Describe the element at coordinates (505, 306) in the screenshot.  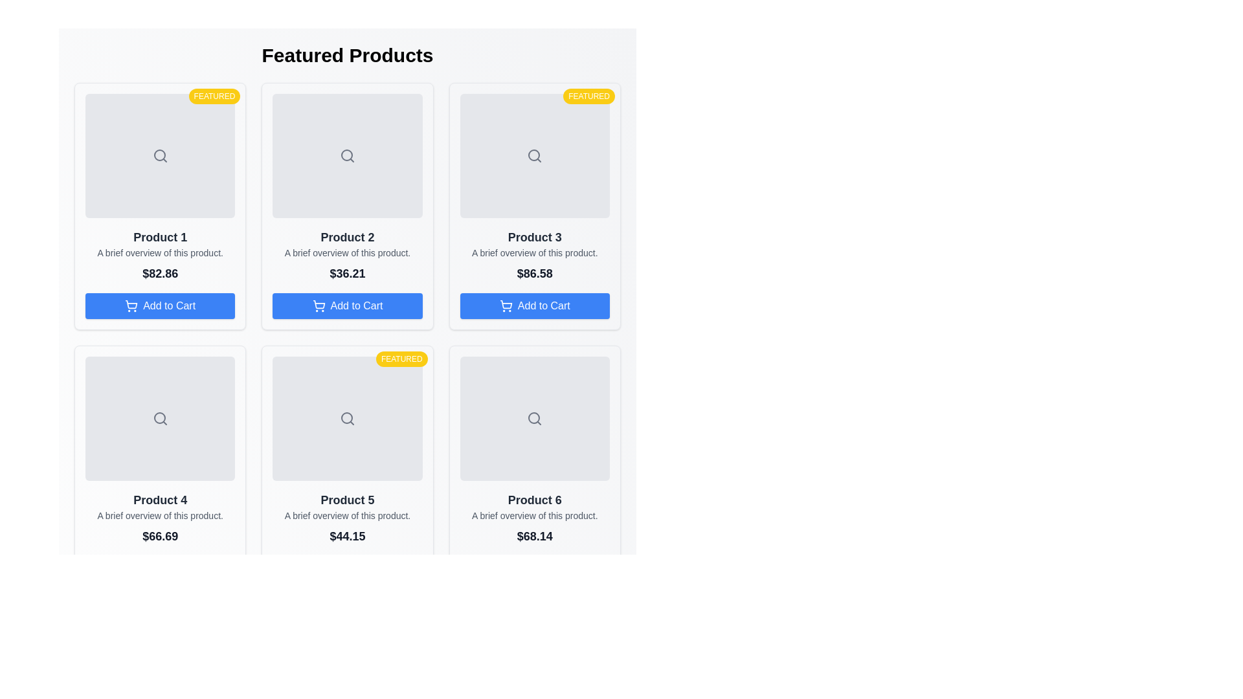
I see `shopping cart icon inside the 'Add to Cart' button for 'Product 3' located in the top-right corner of the grid, second row and third column` at that location.